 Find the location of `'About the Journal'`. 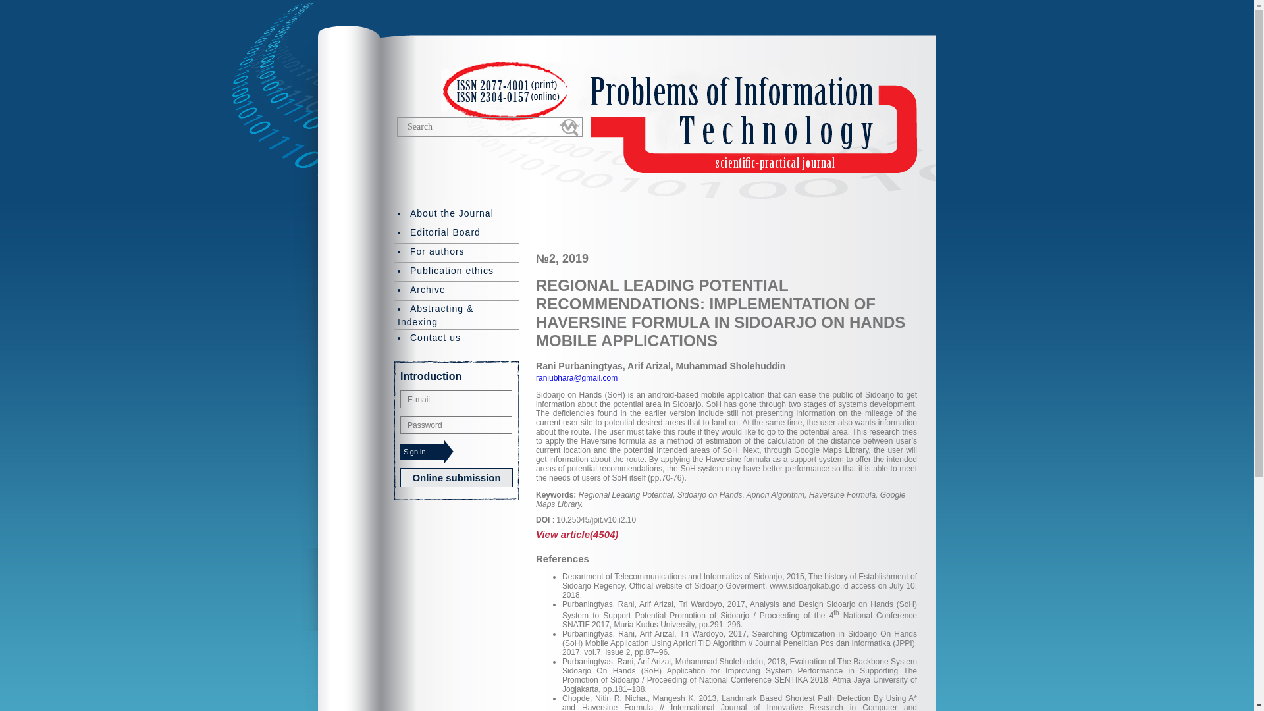

'About the Journal' is located at coordinates (394, 213).